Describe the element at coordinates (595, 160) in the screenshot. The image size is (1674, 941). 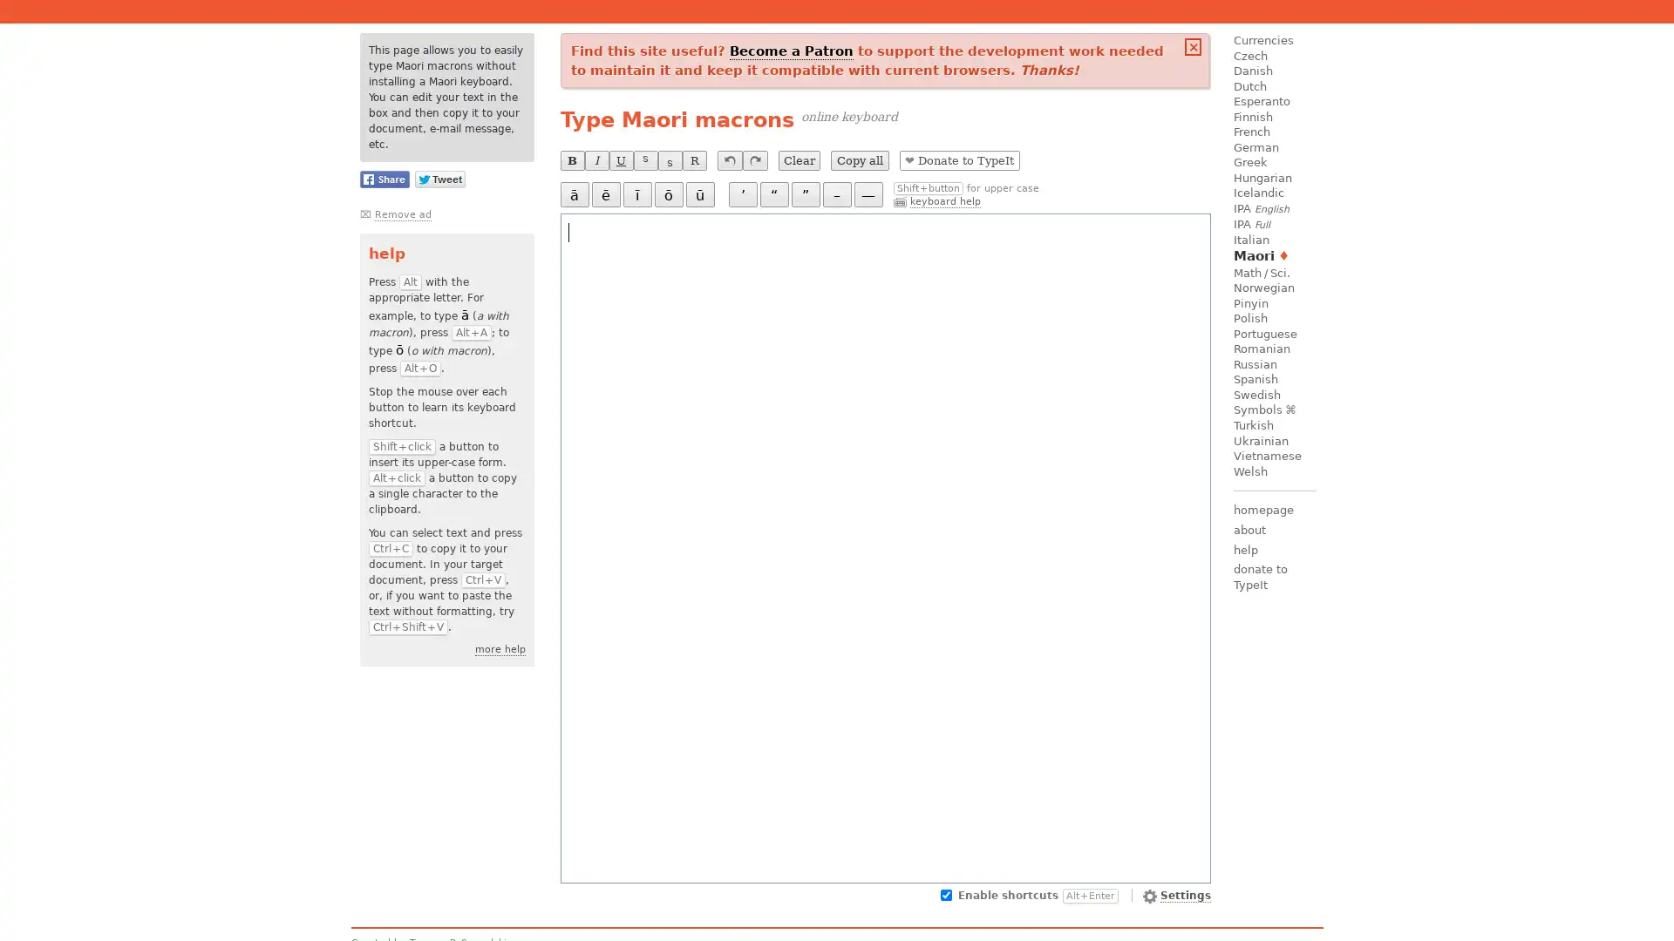
I see `I` at that location.